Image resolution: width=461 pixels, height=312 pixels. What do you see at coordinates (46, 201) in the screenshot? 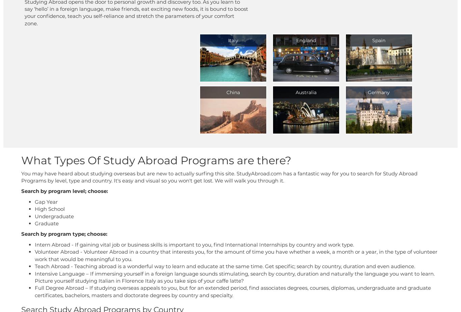
I see `'Gap Year'` at bounding box center [46, 201].